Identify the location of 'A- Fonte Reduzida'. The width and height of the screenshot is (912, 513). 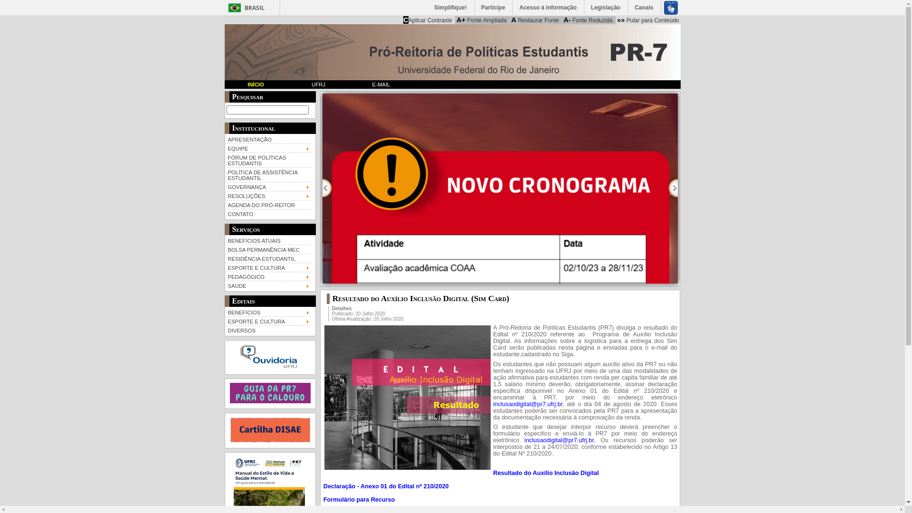
(588, 20).